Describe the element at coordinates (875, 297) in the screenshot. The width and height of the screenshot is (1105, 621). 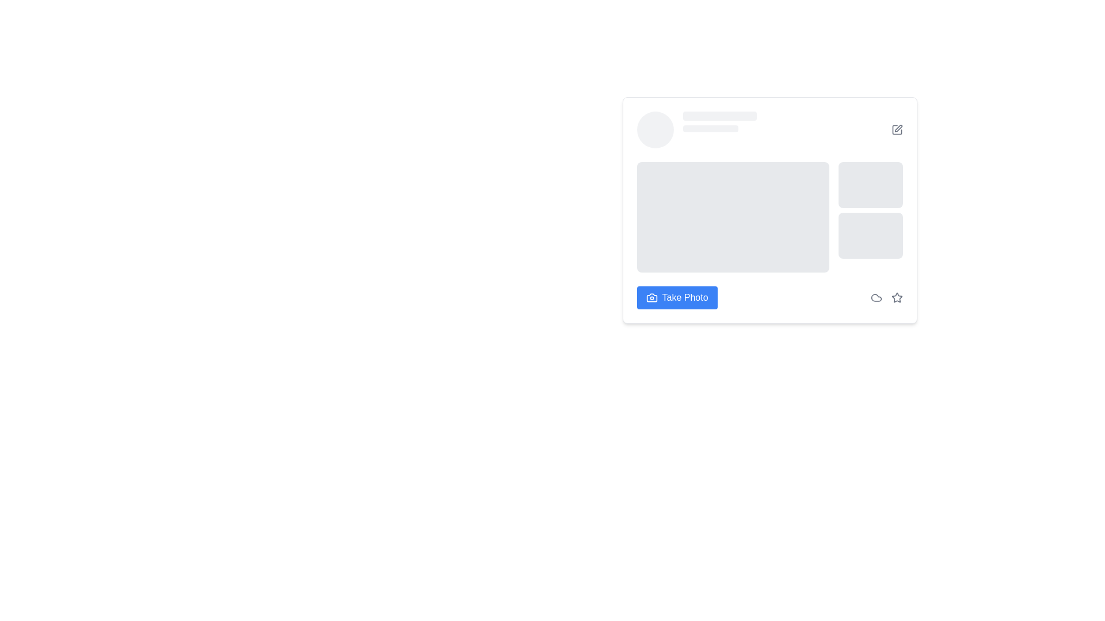
I see `the visual representation of the cloud-related icon located in the bottom-right corner of the rectangular card area` at that location.